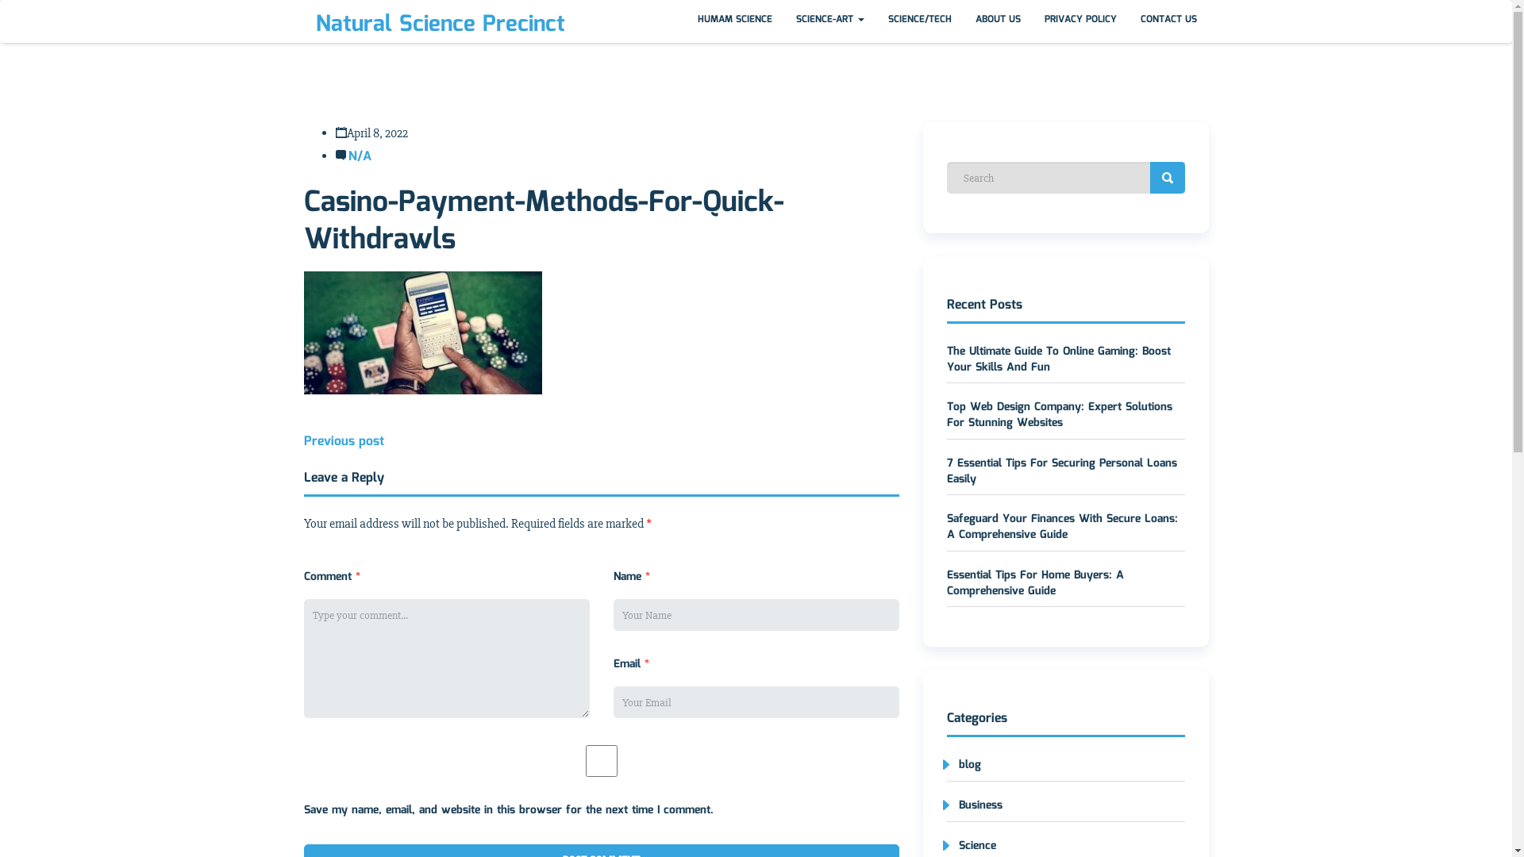  I want to click on 'CONTACT US', so click(1168, 21).